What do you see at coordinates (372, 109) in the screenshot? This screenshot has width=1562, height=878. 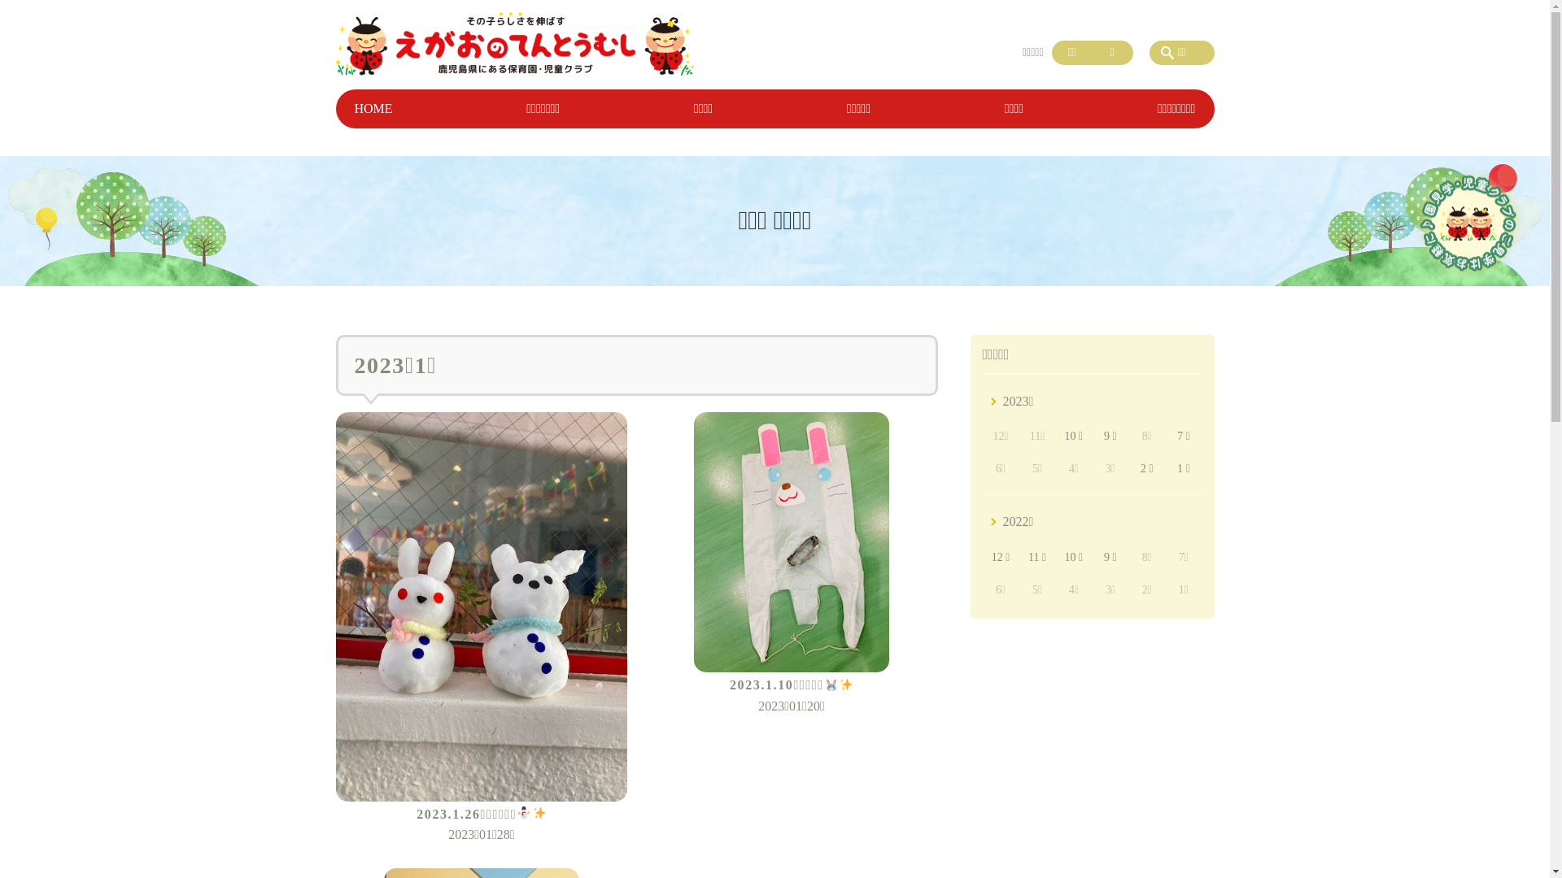 I see `'HOME'` at bounding box center [372, 109].